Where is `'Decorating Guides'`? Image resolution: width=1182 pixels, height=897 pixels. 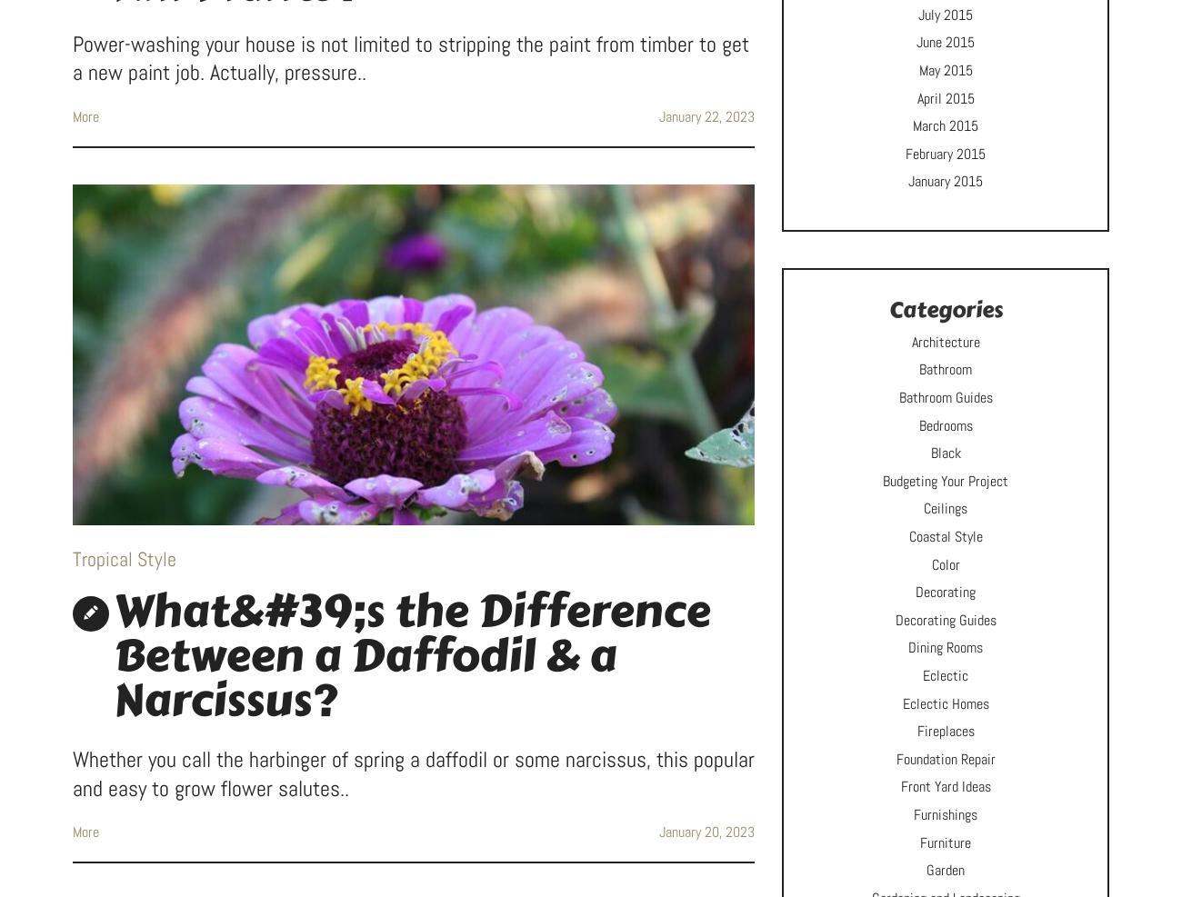
'Decorating Guides' is located at coordinates (945, 619).